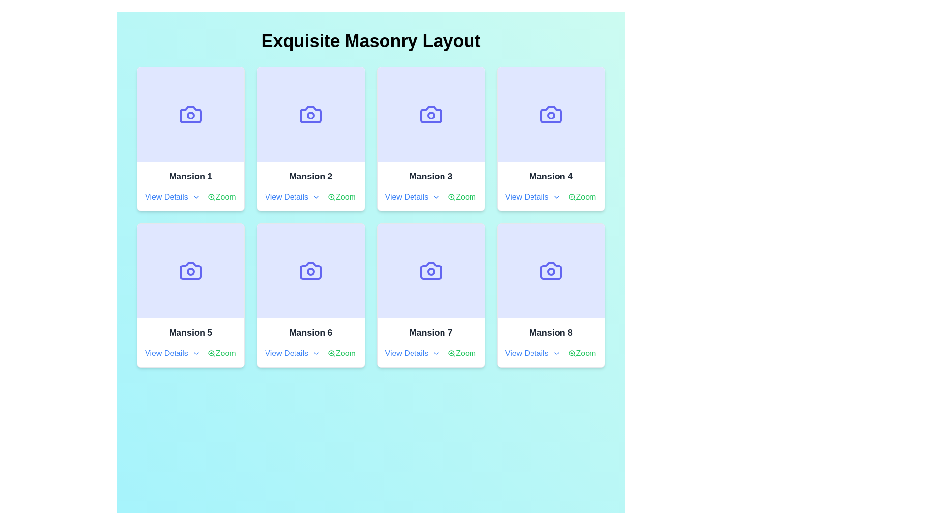 The height and width of the screenshot is (531, 944). Describe the element at coordinates (431, 176) in the screenshot. I see `the title text for 'Mansion 3', which is positioned above the 'View Details' and 'Zoom' links in the top row of the card grid` at that location.